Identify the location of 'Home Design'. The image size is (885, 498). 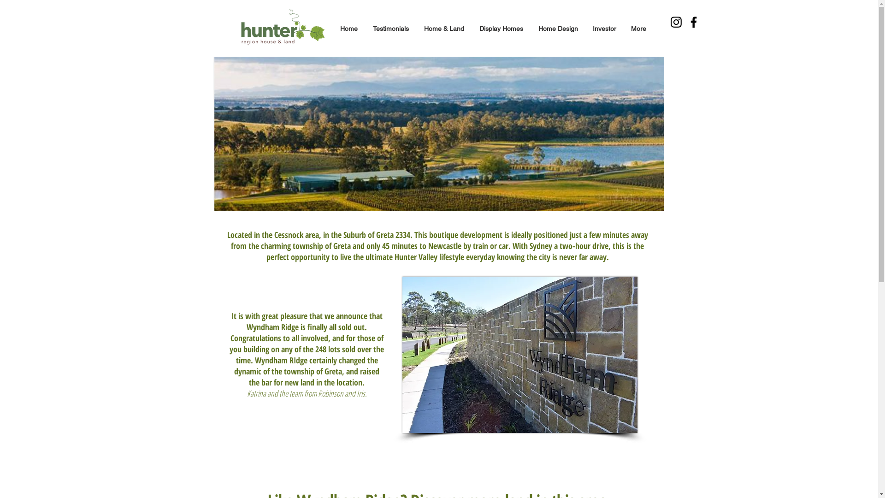
(557, 28).